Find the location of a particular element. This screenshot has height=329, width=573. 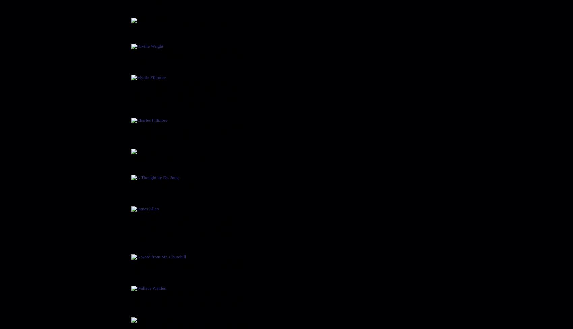

'Myrtle Fillmore' is located at coordinates (154, 69).